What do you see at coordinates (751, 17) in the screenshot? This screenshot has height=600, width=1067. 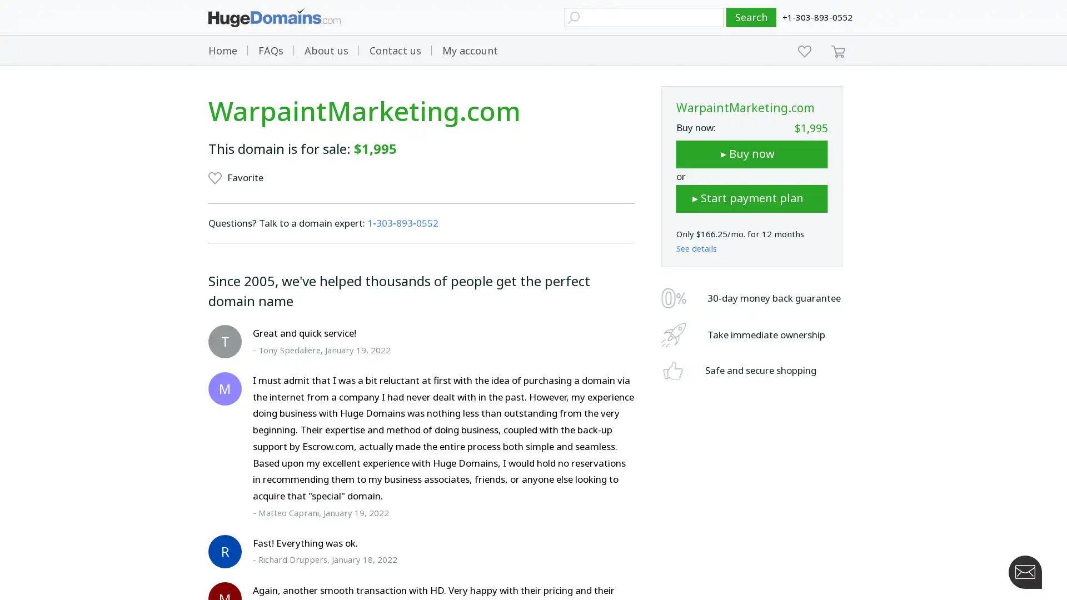 I see `Search` at bounding box center [751, 17].